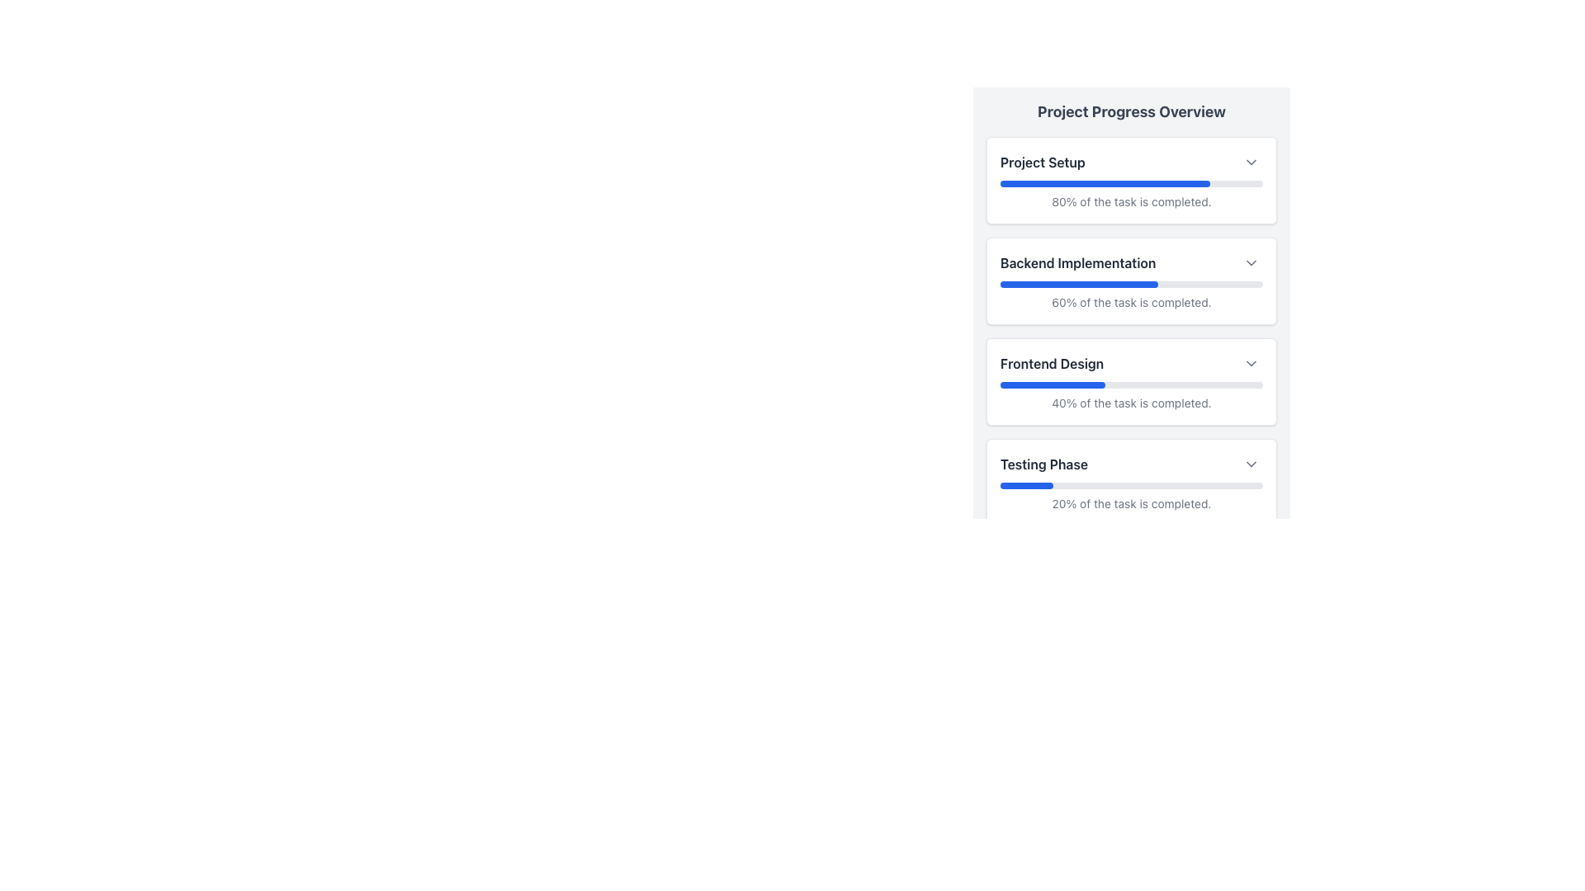 The height and width of the screenshot is (891, 1585). Describe the element at coordinates (1251, 464) in the screenshot. I see `the toggle button located next to the 'Testing Phase' text` at that location.